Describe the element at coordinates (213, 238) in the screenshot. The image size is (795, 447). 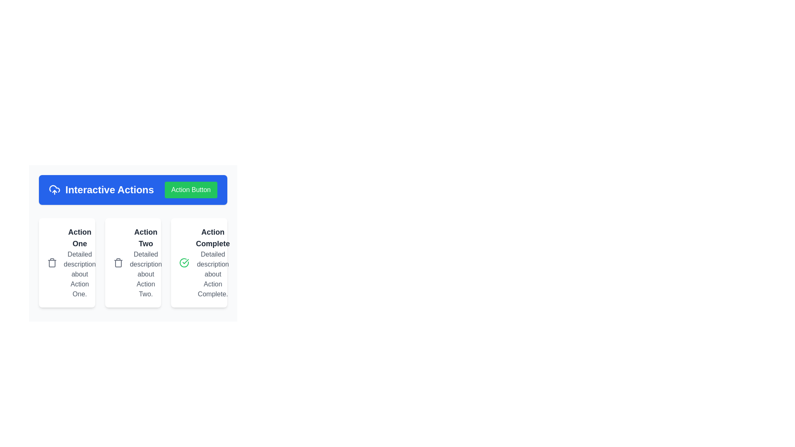
I see `text header that displays 'Action Complete' in bold, large-sized dark gray text, located in the top section of the third column in a row of cards` at that location.